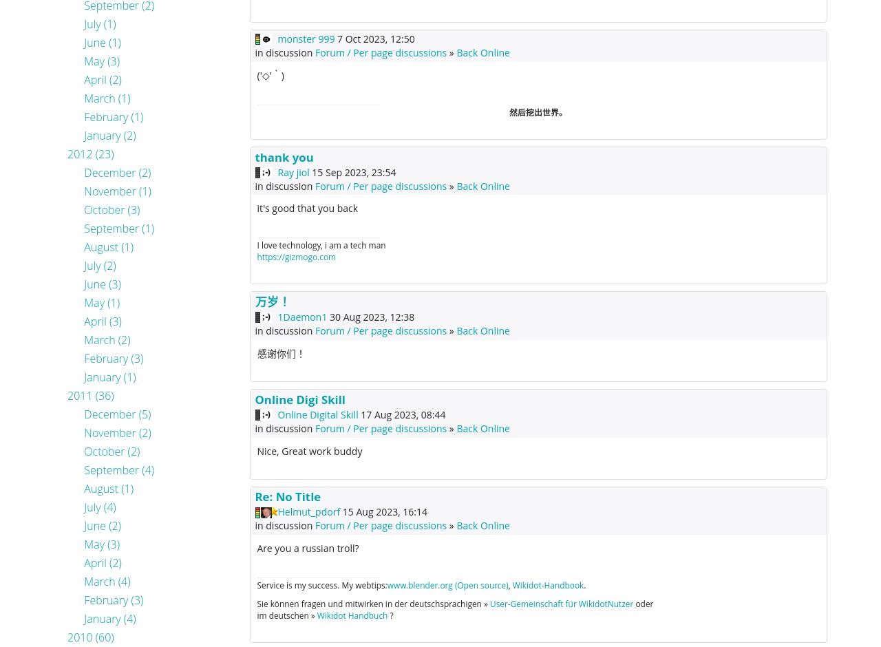 The image size is (881, 647). What do you see at coordinates (106, 580) in the screenshot?
I see `'March (4)'` at bounding box center [106, 580].